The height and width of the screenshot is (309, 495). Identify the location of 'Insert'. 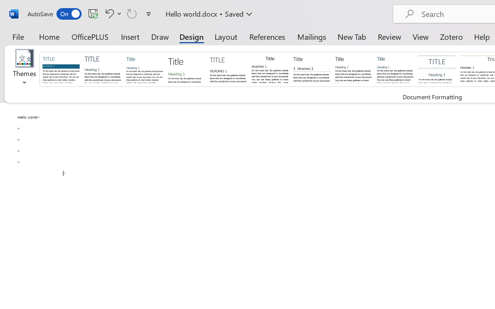
(130, 36).